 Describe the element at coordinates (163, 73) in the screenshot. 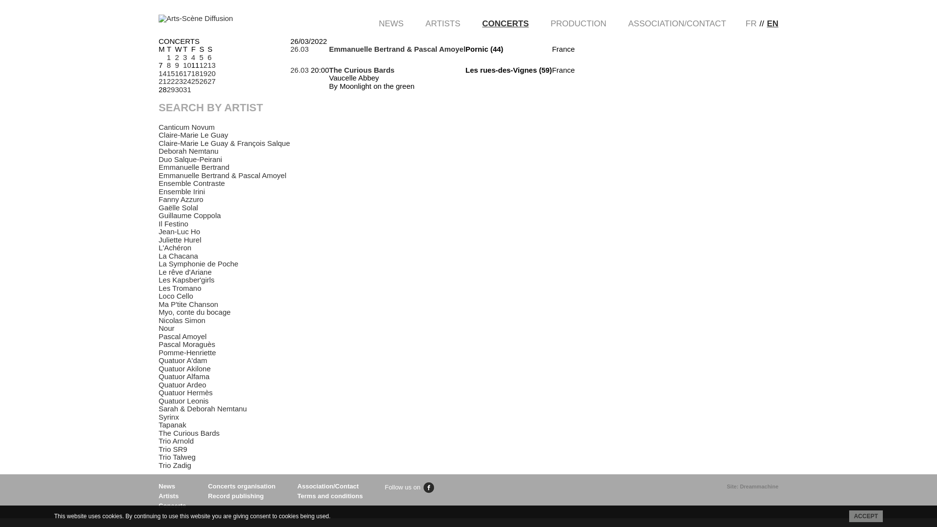

I see `'14'` at that location.